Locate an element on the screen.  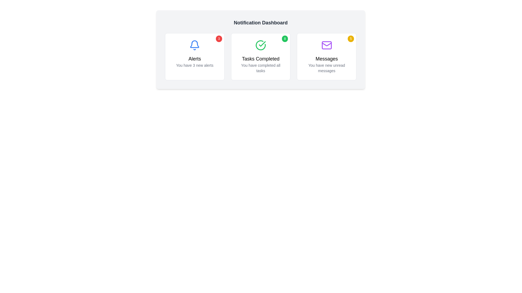
the alert notification icon located at the top of the 'Alerts' card in the 'Notification Dashboard', which indicates new alerts is located at coordinates (195, 44).